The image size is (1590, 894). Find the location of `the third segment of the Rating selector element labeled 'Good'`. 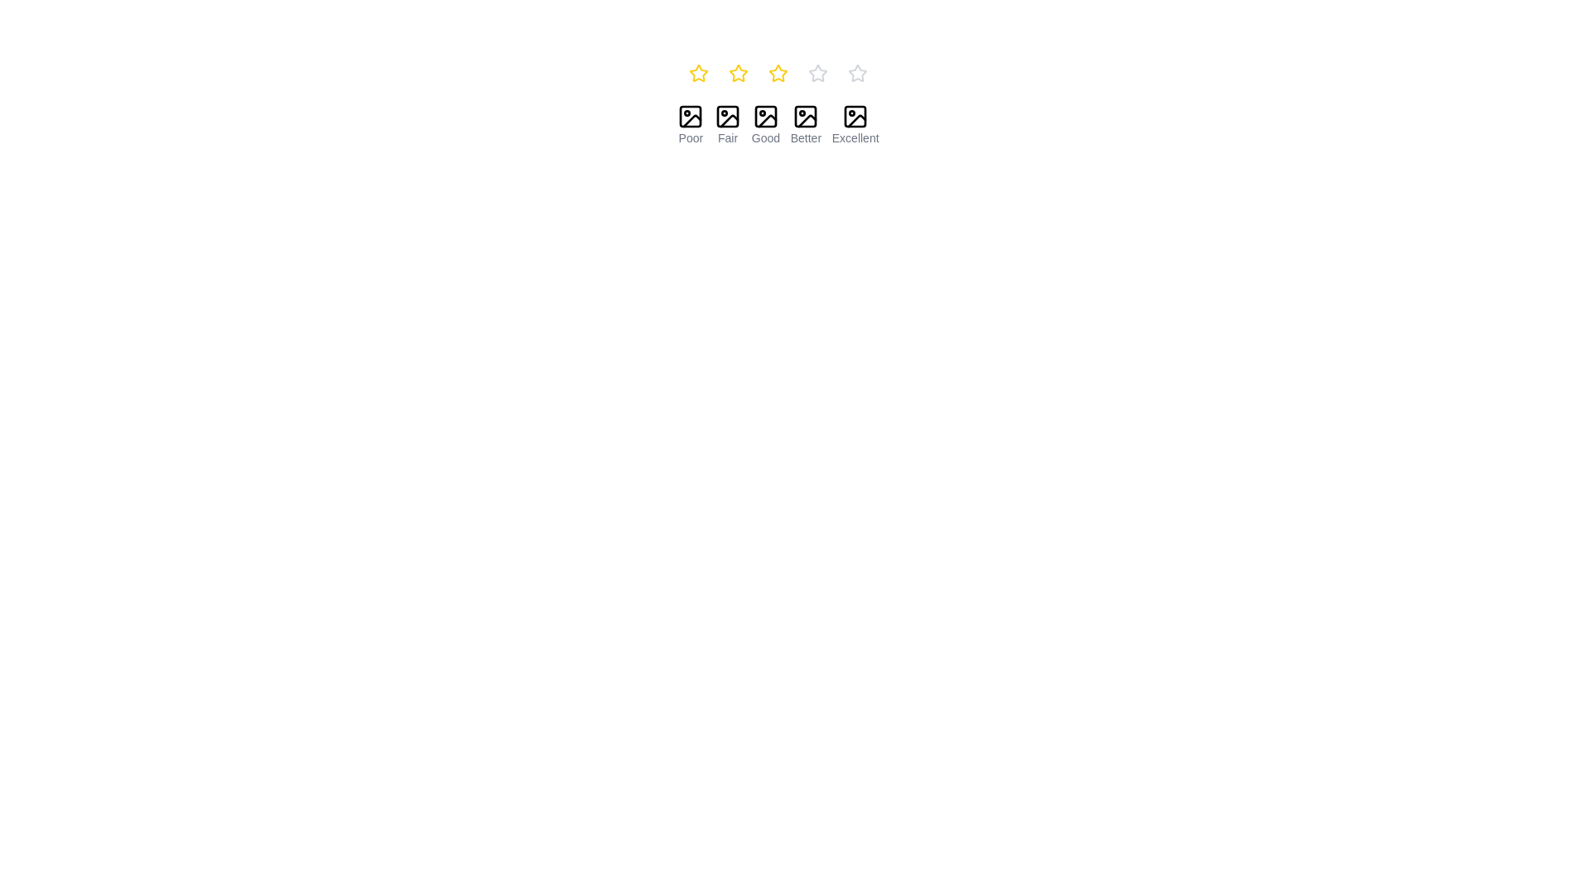

the third segment of the Rating selector element labeled 'Good' is located at coordinates (778, 123).